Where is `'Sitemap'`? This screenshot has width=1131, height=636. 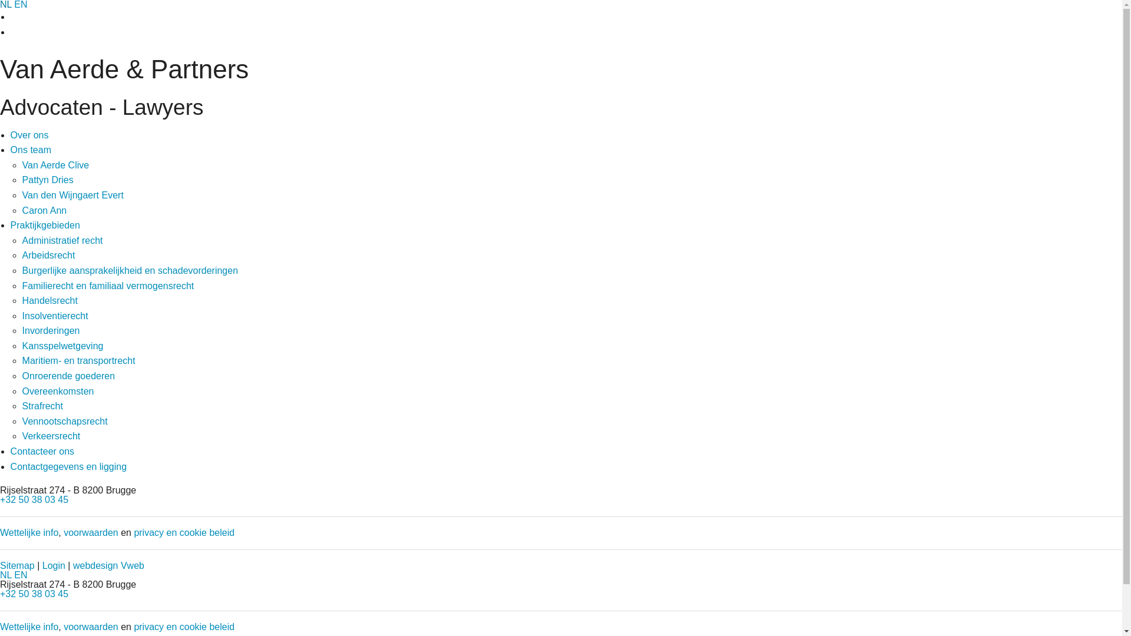 'Sitemap' is located at coordinates (17, 565).